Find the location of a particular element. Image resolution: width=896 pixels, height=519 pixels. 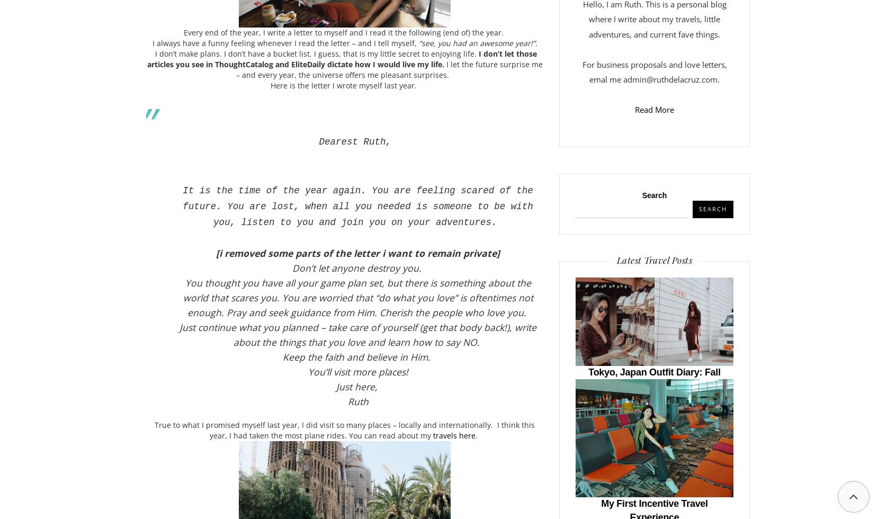

'Tokyo, Japan Outfit Diary: Fall' is located at coordinates (654, 372).